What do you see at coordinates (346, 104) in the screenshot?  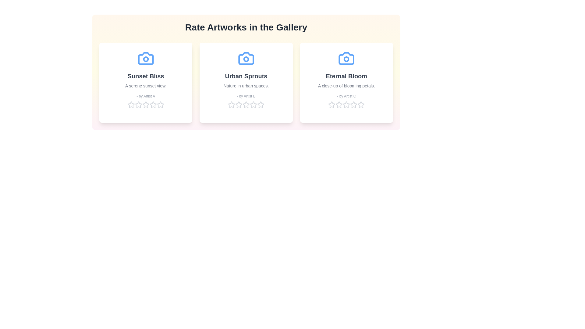 I see `the star corresponding to 3 for the artwork 'Eternal Bloom' to set its rating` at bounding box center [346, 104].